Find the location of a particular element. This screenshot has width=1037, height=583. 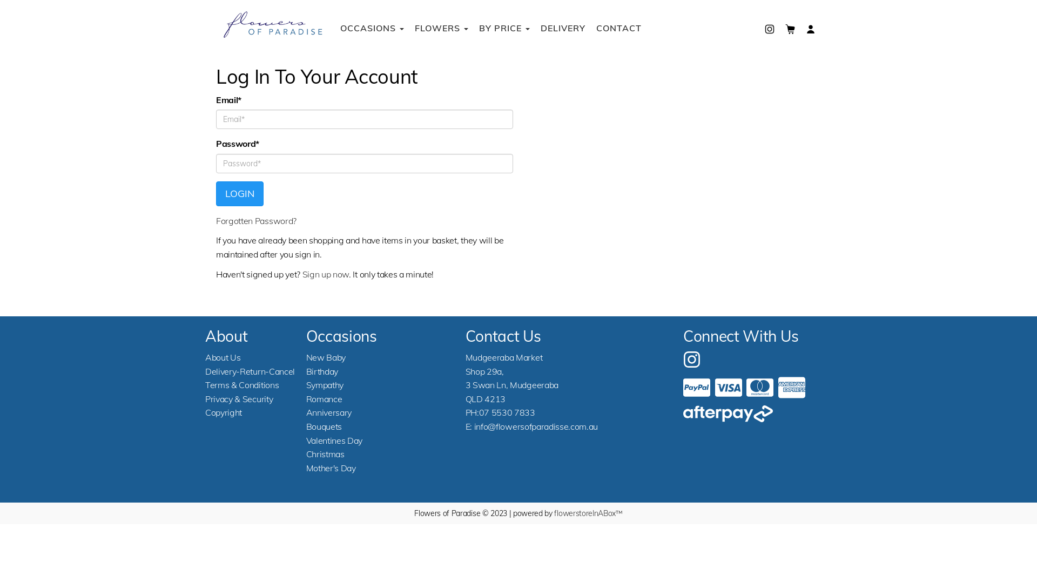

'DELIVERY' is located at coordinates (535, 27).